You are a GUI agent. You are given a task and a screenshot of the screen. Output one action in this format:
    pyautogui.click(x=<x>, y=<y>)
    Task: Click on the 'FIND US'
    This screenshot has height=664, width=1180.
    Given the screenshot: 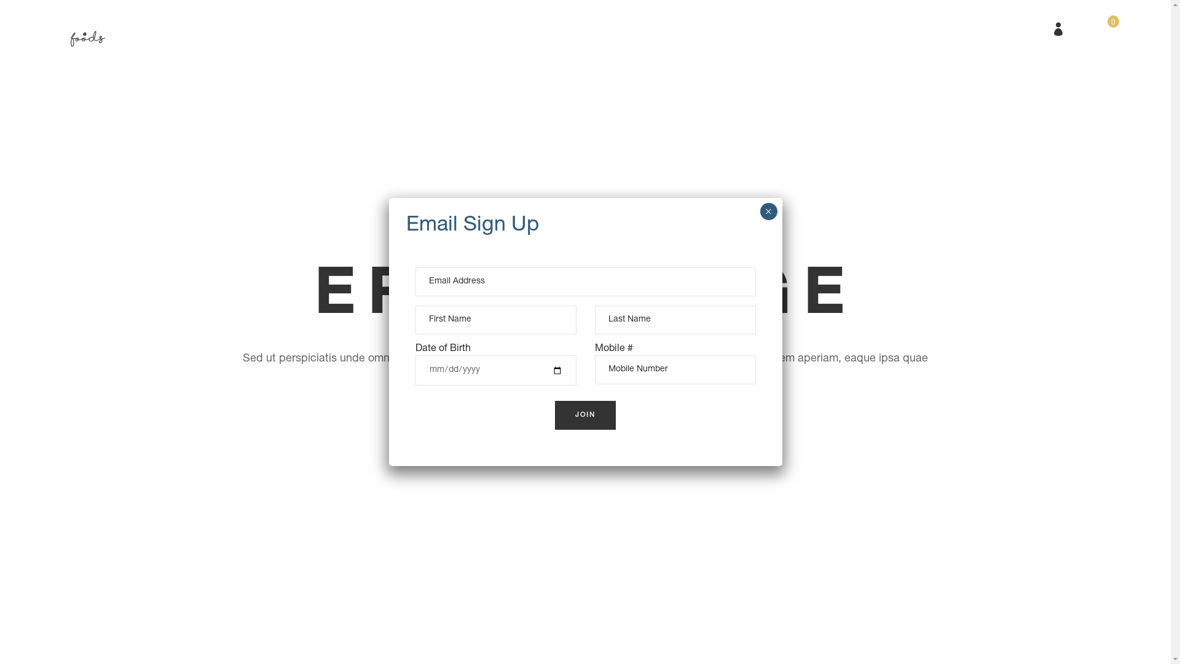 What is the action you would take?
    pyautogui.click(x=776, y=28)
    